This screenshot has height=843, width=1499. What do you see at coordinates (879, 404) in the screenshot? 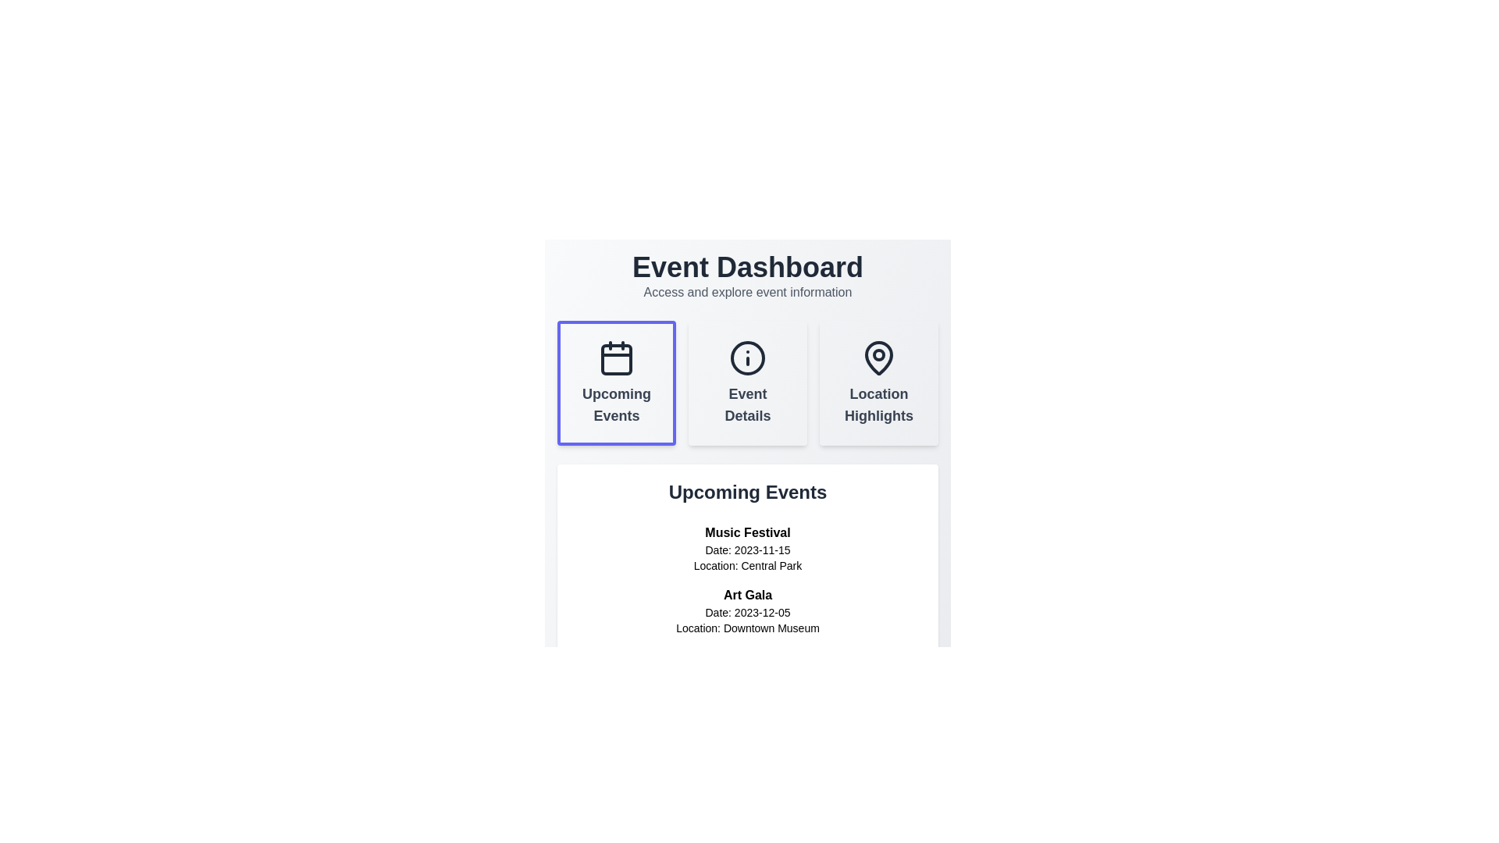
I see `text content of the 'Location Highlights' card, which is the title or descriptive label located below the map pin icon in the third card of the row under 'Event Dashboard'` at bounding box center [879, 404].